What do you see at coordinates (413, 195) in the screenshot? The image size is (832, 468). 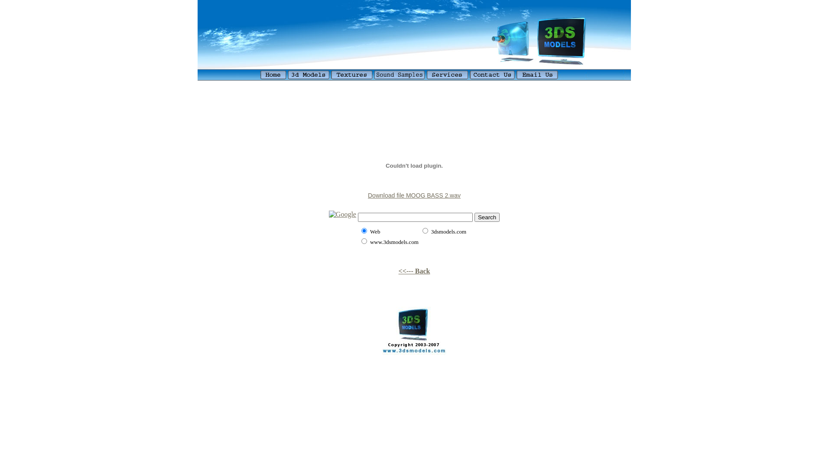 I see `'Download file MOOG BASS 2.wav'` at bounding box center [413, 195].